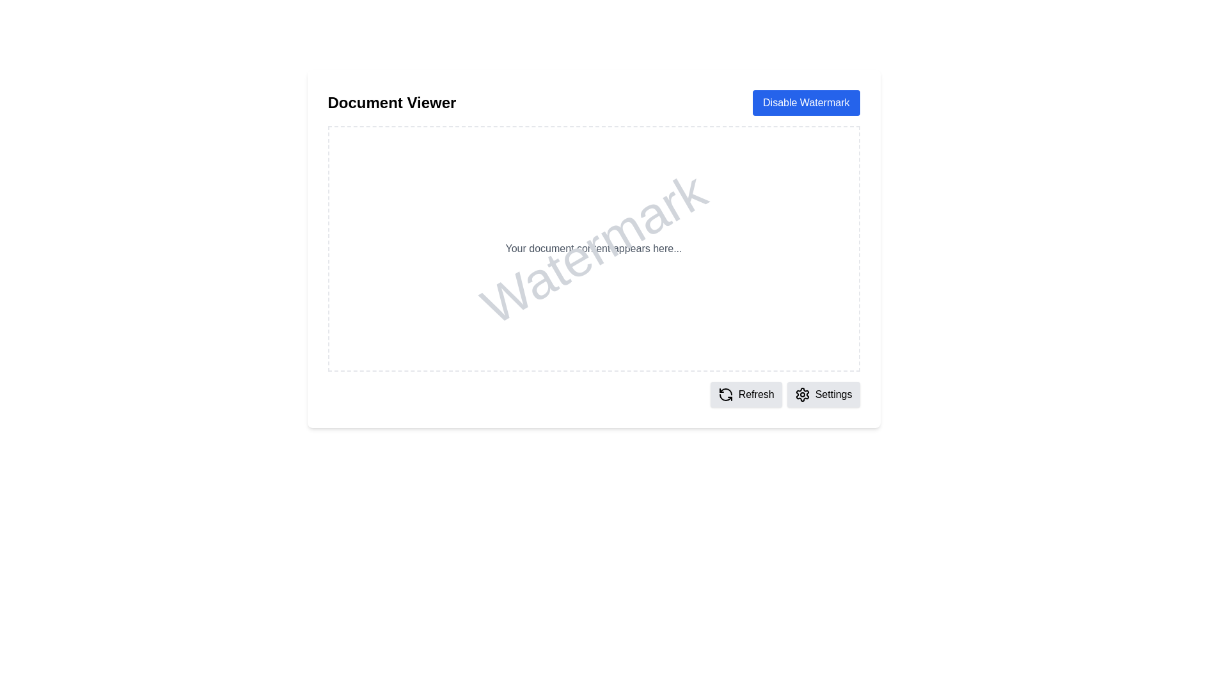  Describe the element at coordinates (801, 394) in the screenshot. I see `the gear-shaped icon in the bottom-right section of the interface` at that location.